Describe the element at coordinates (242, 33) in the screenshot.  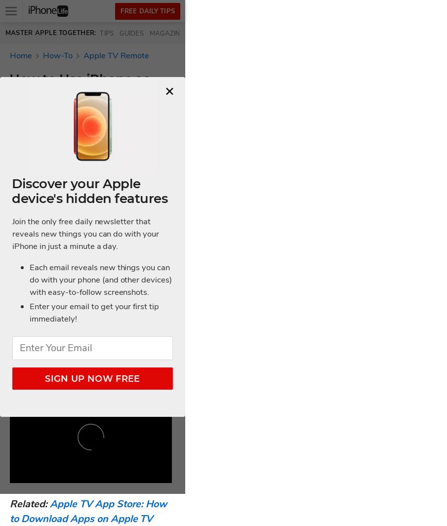
I see `'Podcast'` at that location.